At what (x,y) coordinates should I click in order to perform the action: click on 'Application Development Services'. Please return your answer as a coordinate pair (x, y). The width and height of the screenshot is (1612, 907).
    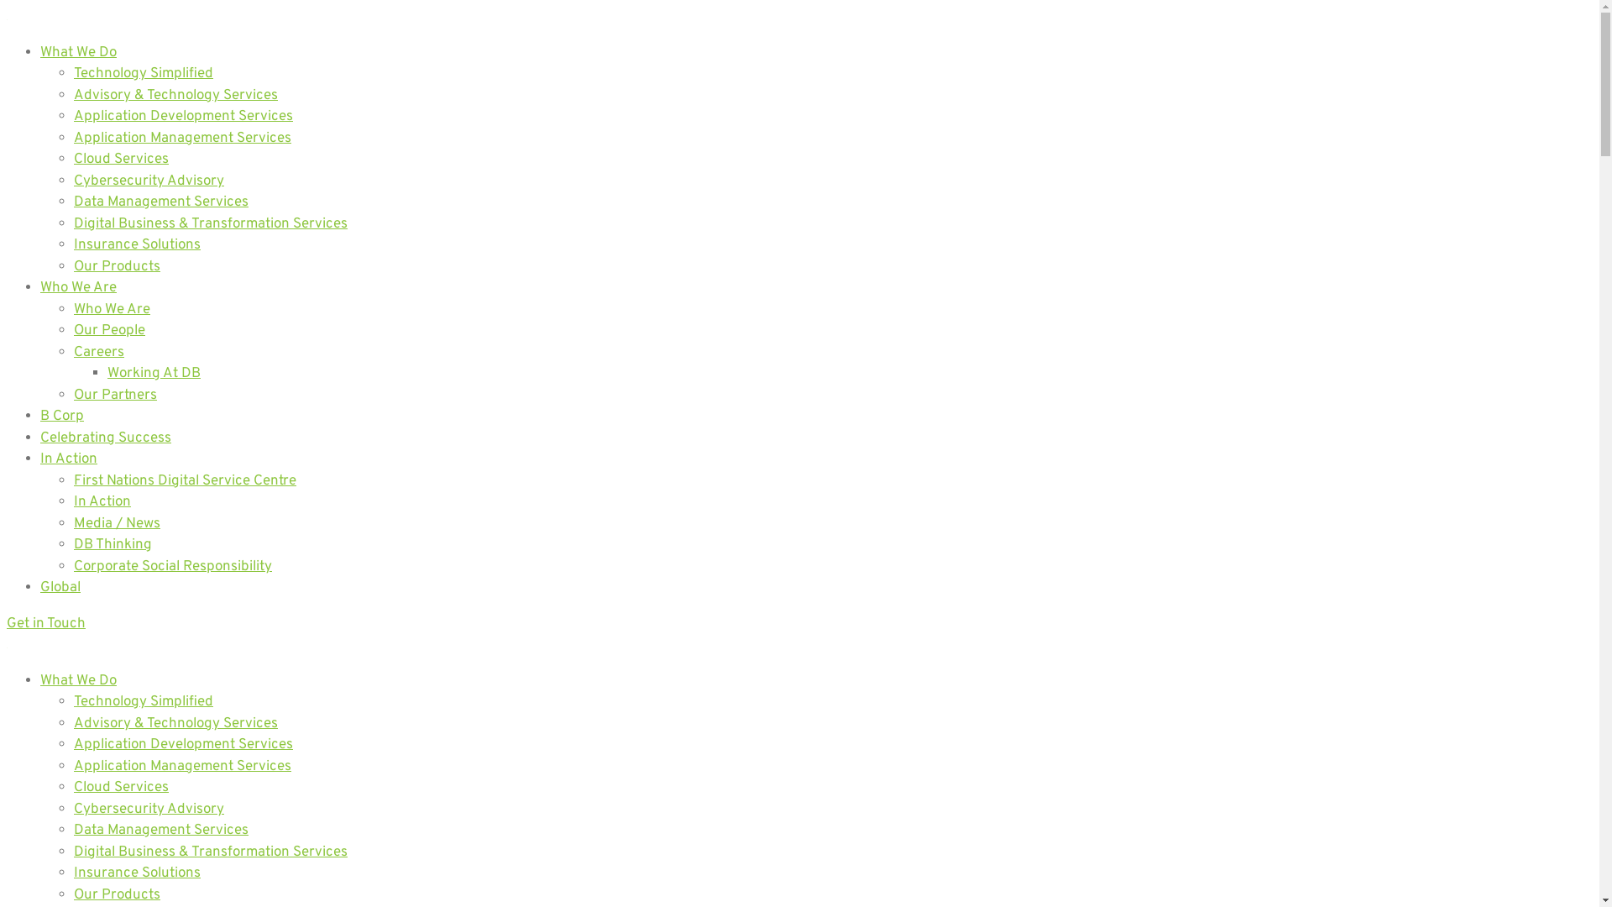
    Looking at the image, I should click on (183, 744).